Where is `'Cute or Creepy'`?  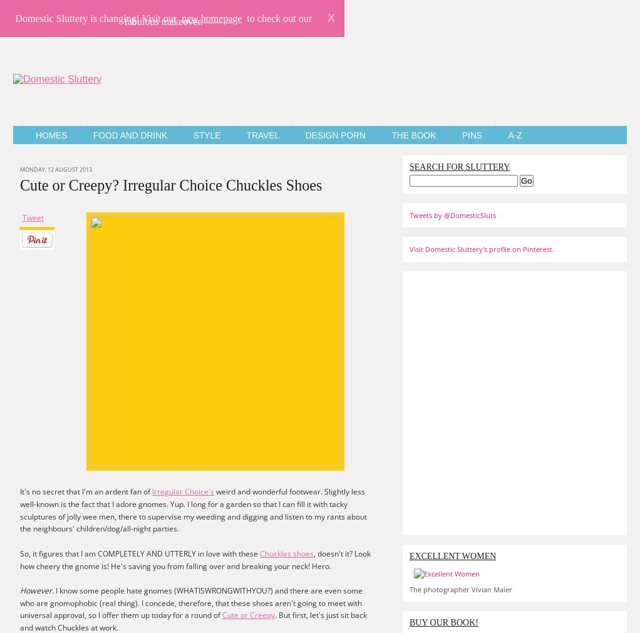 'Cute or Creepy' is located at coordinates (248, 615).